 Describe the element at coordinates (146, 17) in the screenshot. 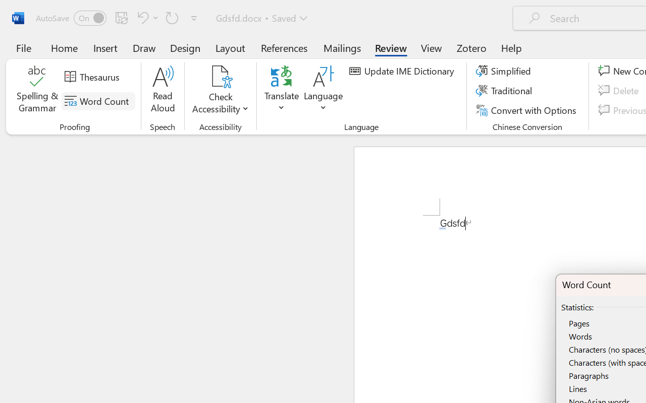

I see `'Undo AutoCorrect'` at that location.